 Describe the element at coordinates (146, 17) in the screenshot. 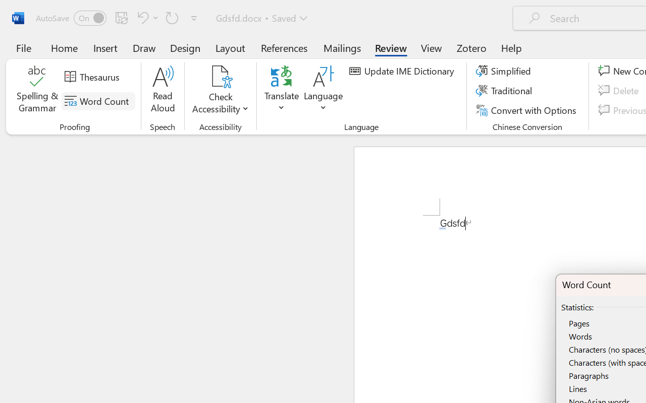

I see `'Undo AutoCorrect'` at that location.